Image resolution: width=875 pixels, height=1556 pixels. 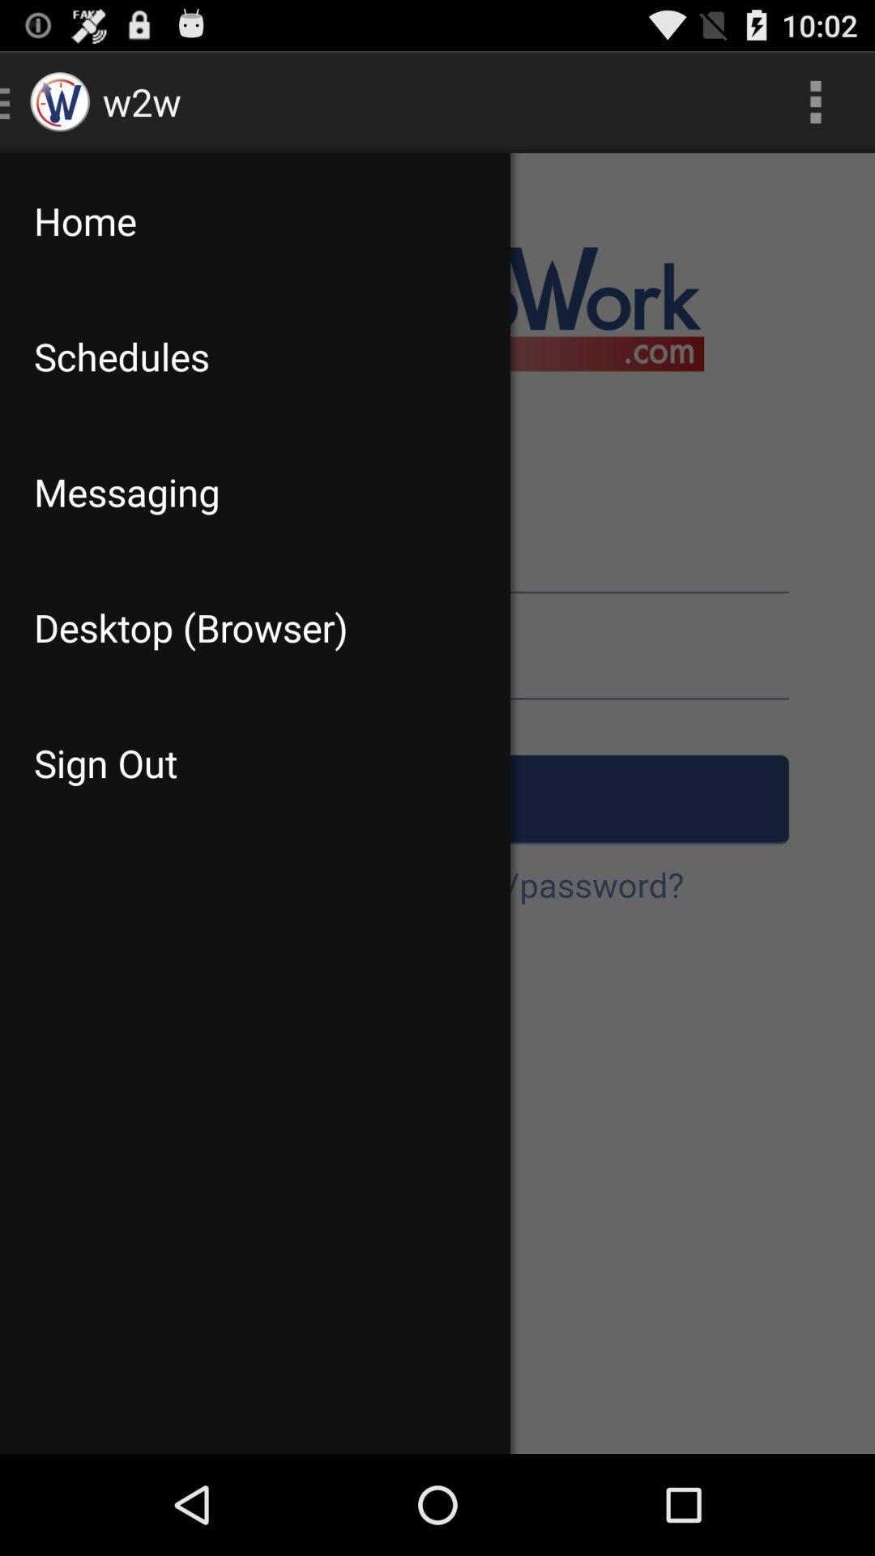 What do you see at coordinates (255, 491) in the screenshot?
I see `the messaging icon` at bounding box center [255, 491].